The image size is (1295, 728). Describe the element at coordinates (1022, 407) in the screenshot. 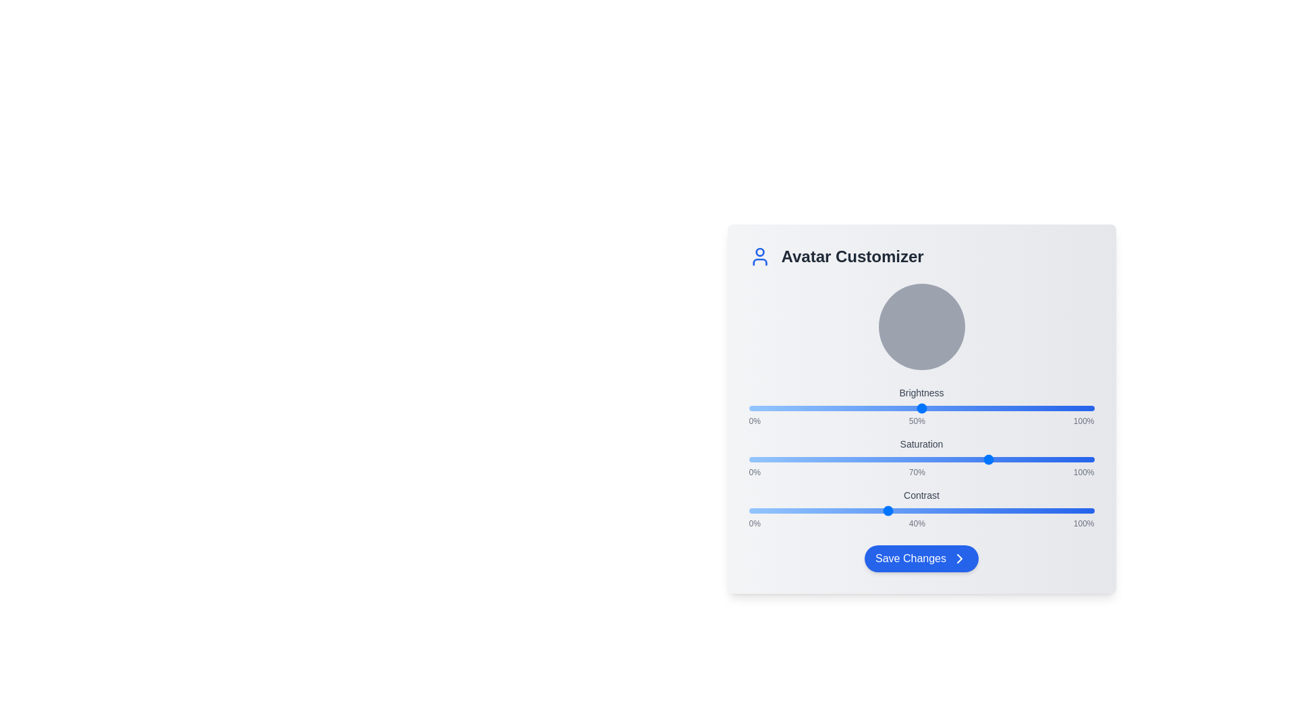

I see `the Brightness slider to 79%` at that location.